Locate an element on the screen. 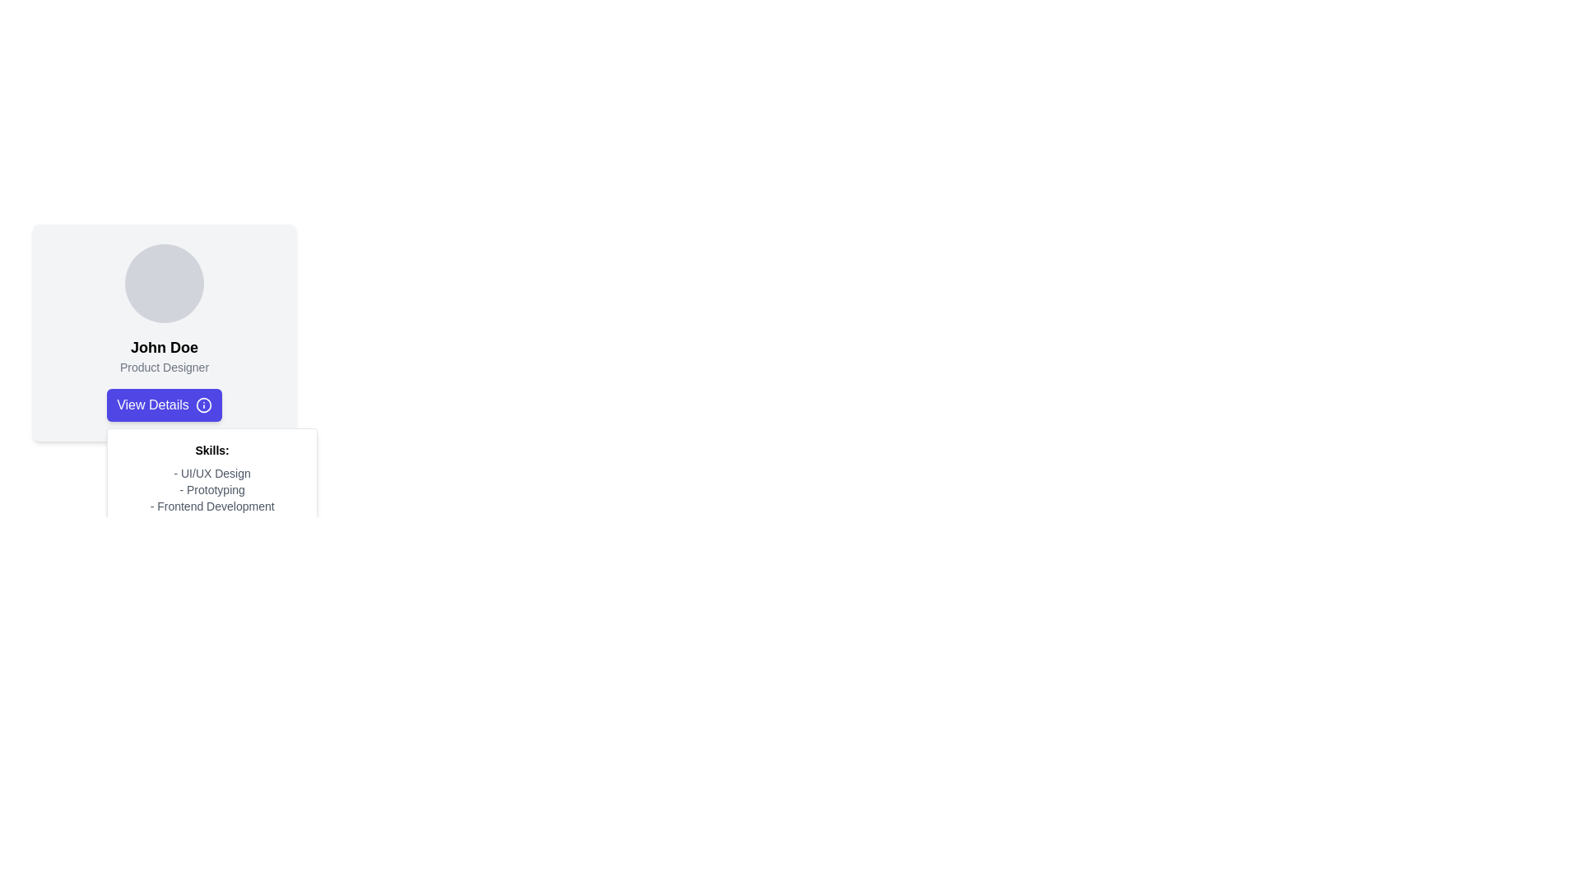 This screenshot has width=1580, height=888. text of the header label that indicates the topic of the skills listed beneath it, centered within the white card-like background is located at coordinates (211, 450).